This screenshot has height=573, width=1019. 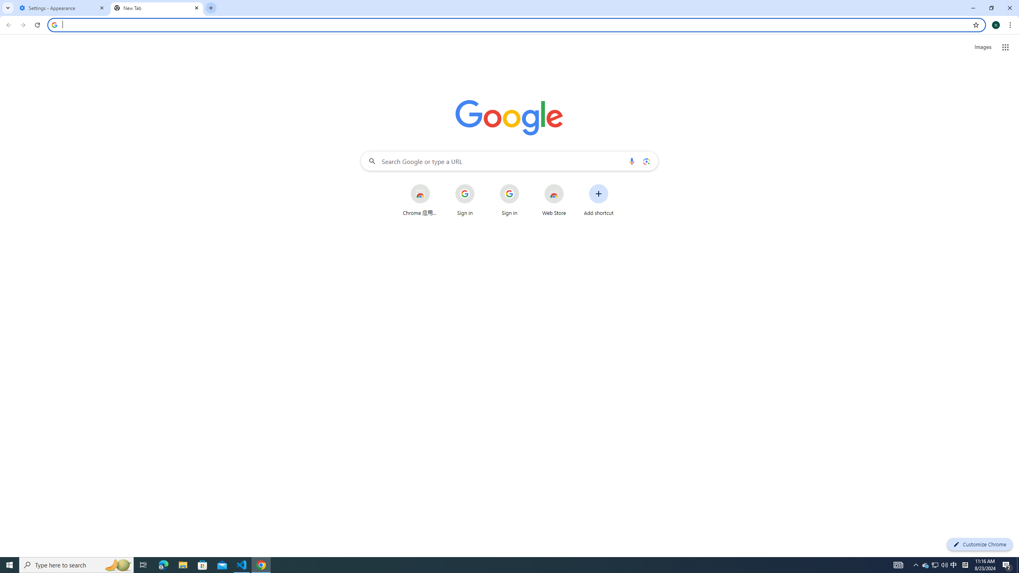 What do you see at coordinates (62, 8) in the screenshot?
I see `'Settings - Appearance'` at bounding box center [62, 8].